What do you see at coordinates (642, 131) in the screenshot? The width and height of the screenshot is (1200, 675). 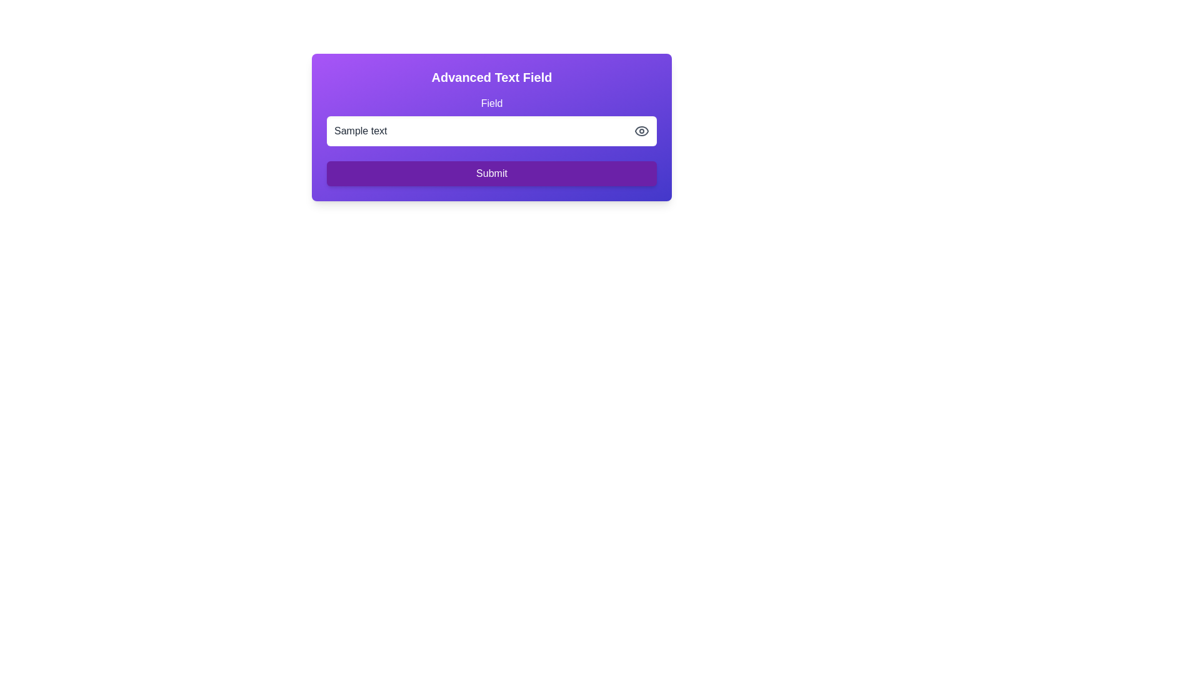 I see `the visibility toggle icon button located at the top-right corner of the text input field within the purple card UI layout` at bounding box center [642, 131].